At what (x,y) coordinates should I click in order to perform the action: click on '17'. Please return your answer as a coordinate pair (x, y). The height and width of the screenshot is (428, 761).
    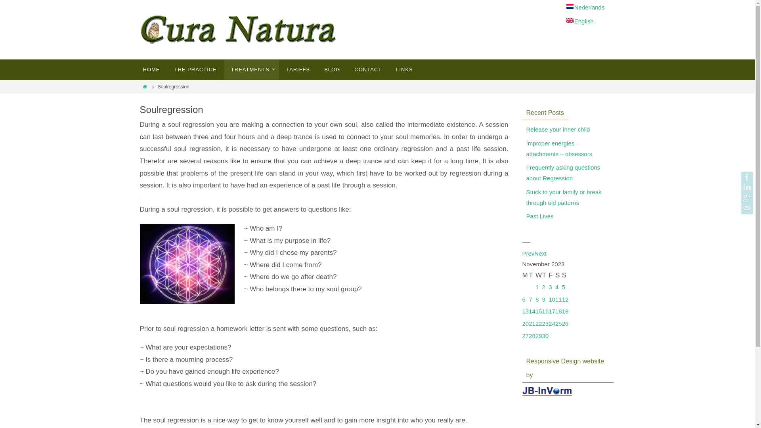
    Looking at the image, I should click on (548, 311).